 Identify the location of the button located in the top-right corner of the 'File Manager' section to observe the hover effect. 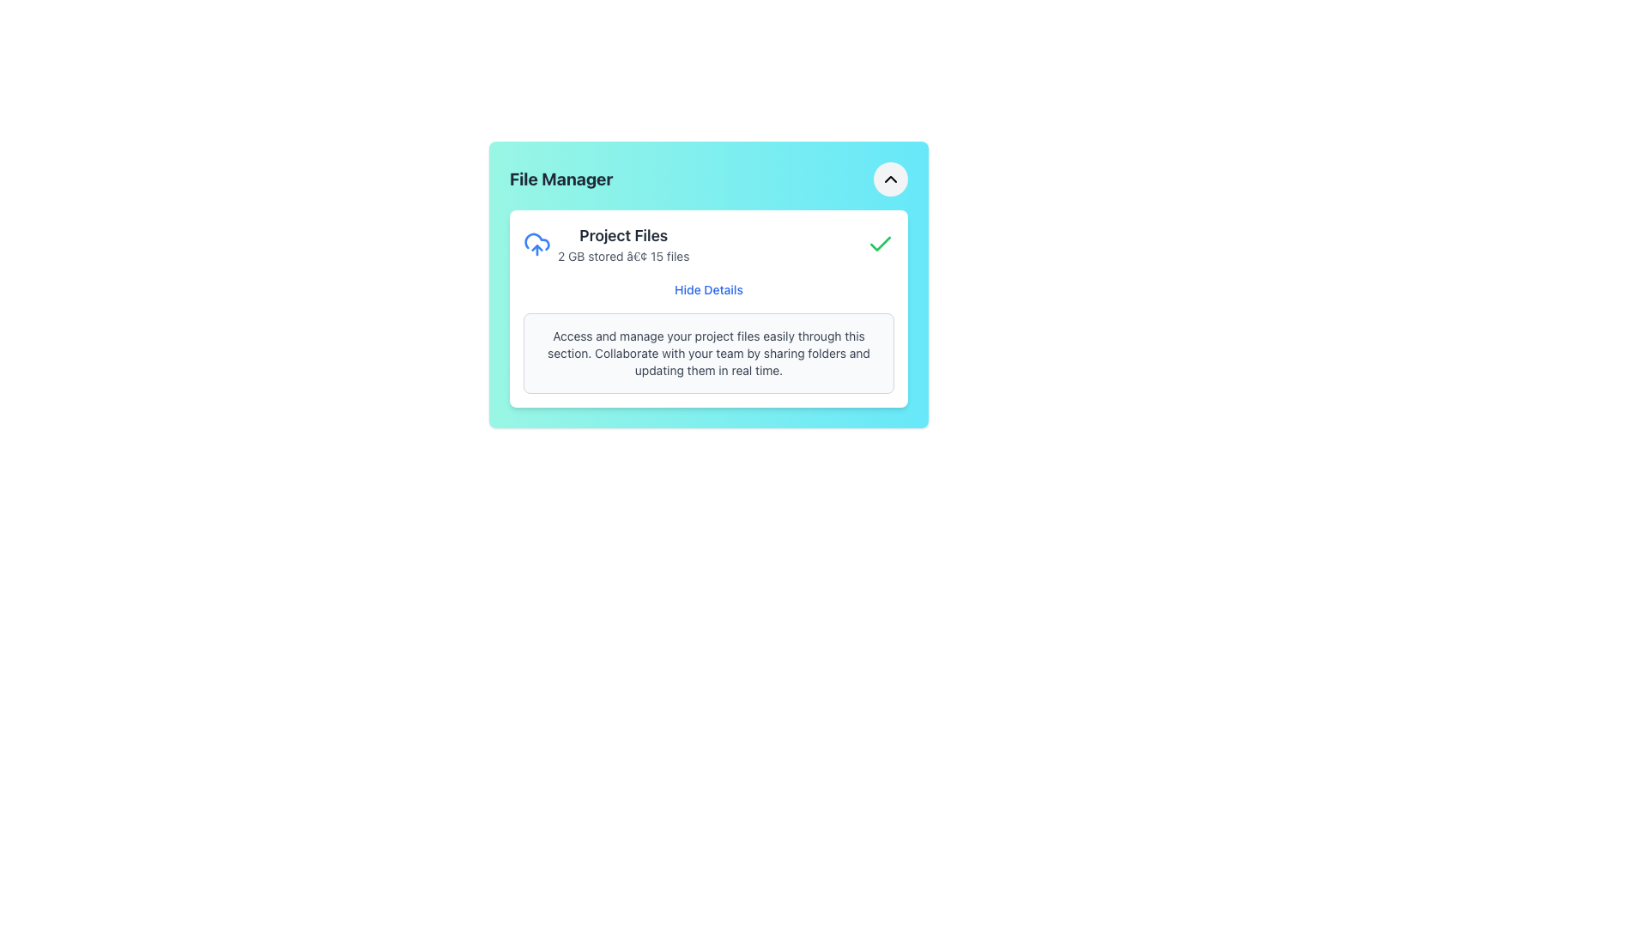
(890, 179).